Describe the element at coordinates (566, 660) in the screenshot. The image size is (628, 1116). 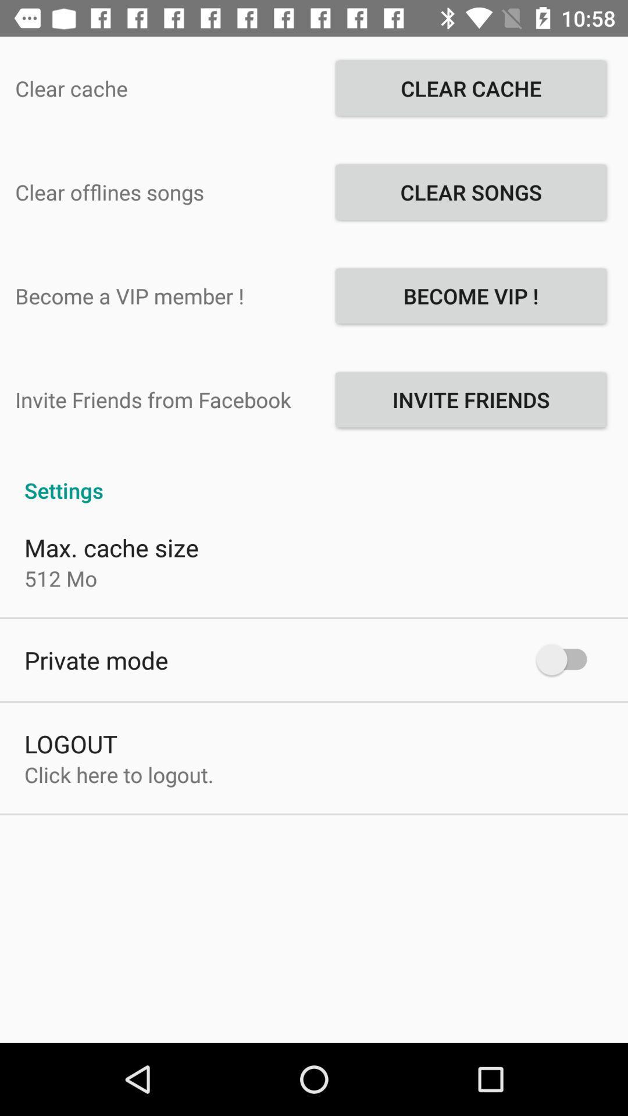
I see `the app to the right of the private mode` at that location.